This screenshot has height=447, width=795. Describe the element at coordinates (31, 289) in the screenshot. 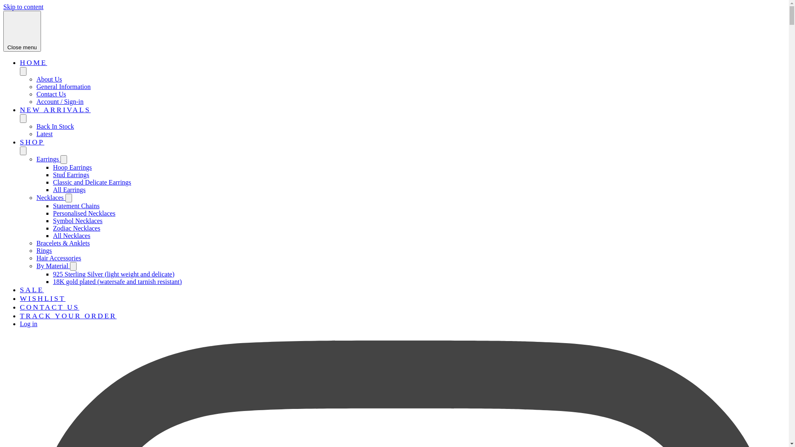

I see `'SALE'` at that location.